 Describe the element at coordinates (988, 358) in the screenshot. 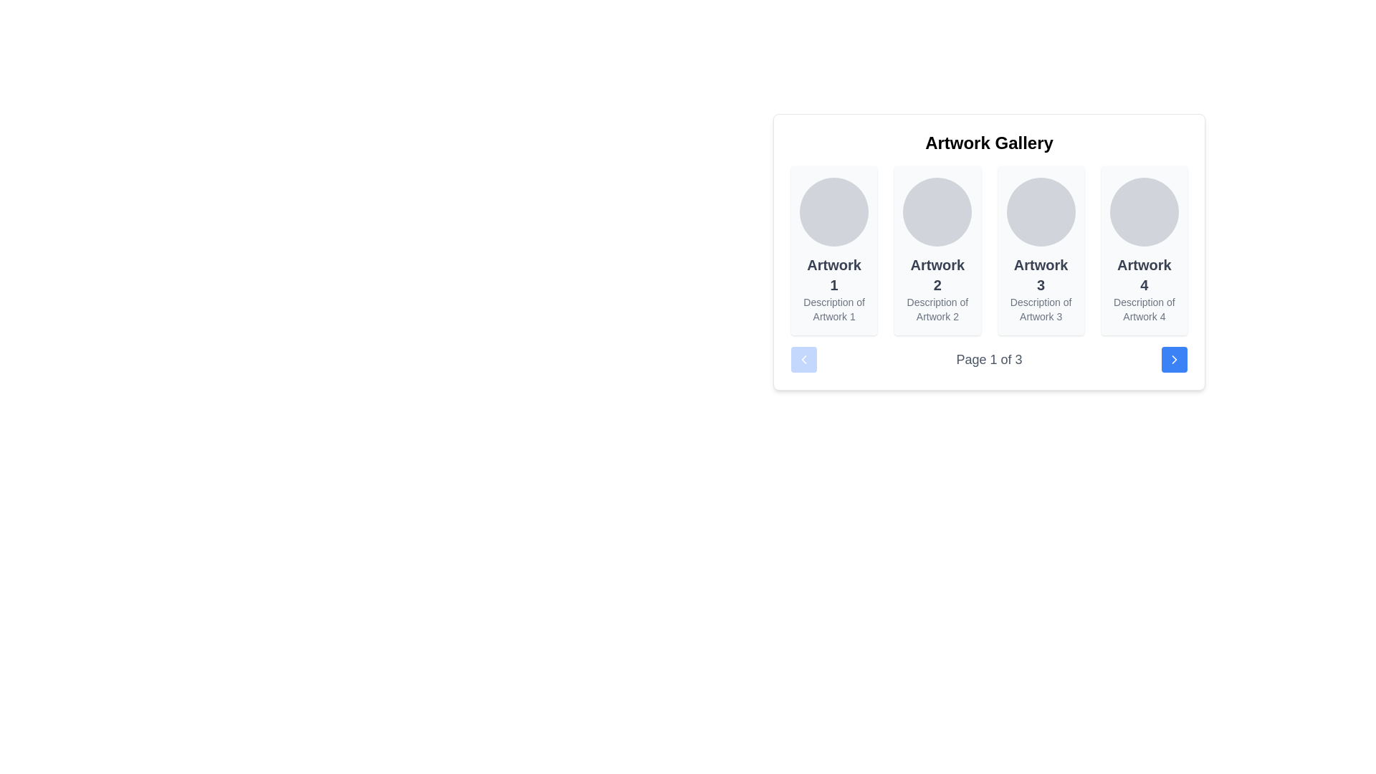

I see `the pagination indicator that displays the current page number, located below the artwork cards grid in the gallery box` at that location.